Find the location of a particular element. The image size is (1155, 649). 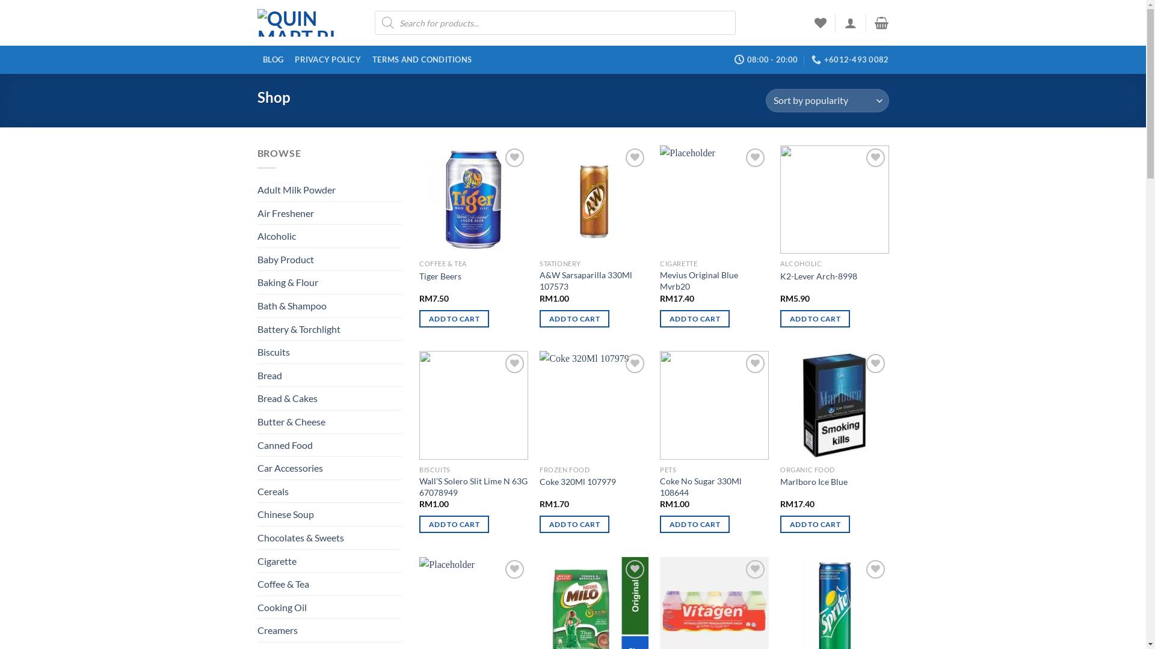

'Baby Product' is located at coordinates (256, 259).